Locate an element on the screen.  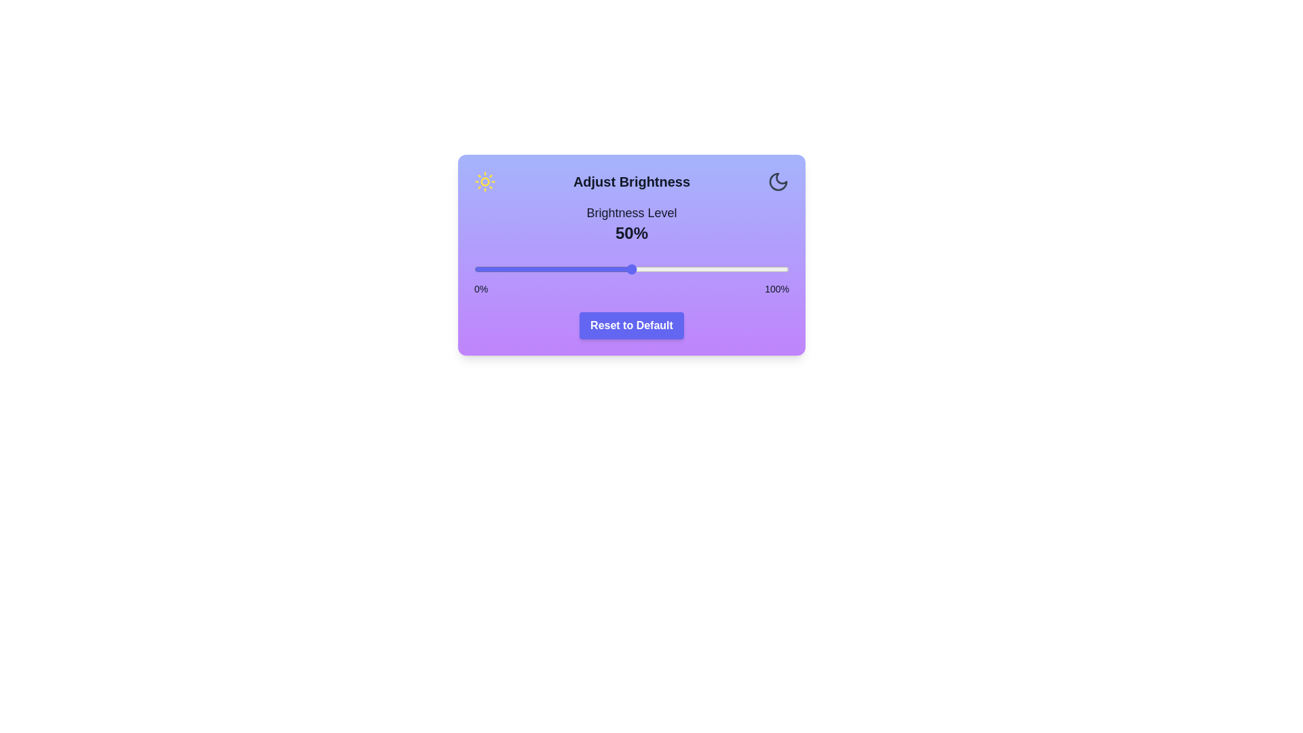
the brightness slider to 20% is located at coordinates (536, 269).